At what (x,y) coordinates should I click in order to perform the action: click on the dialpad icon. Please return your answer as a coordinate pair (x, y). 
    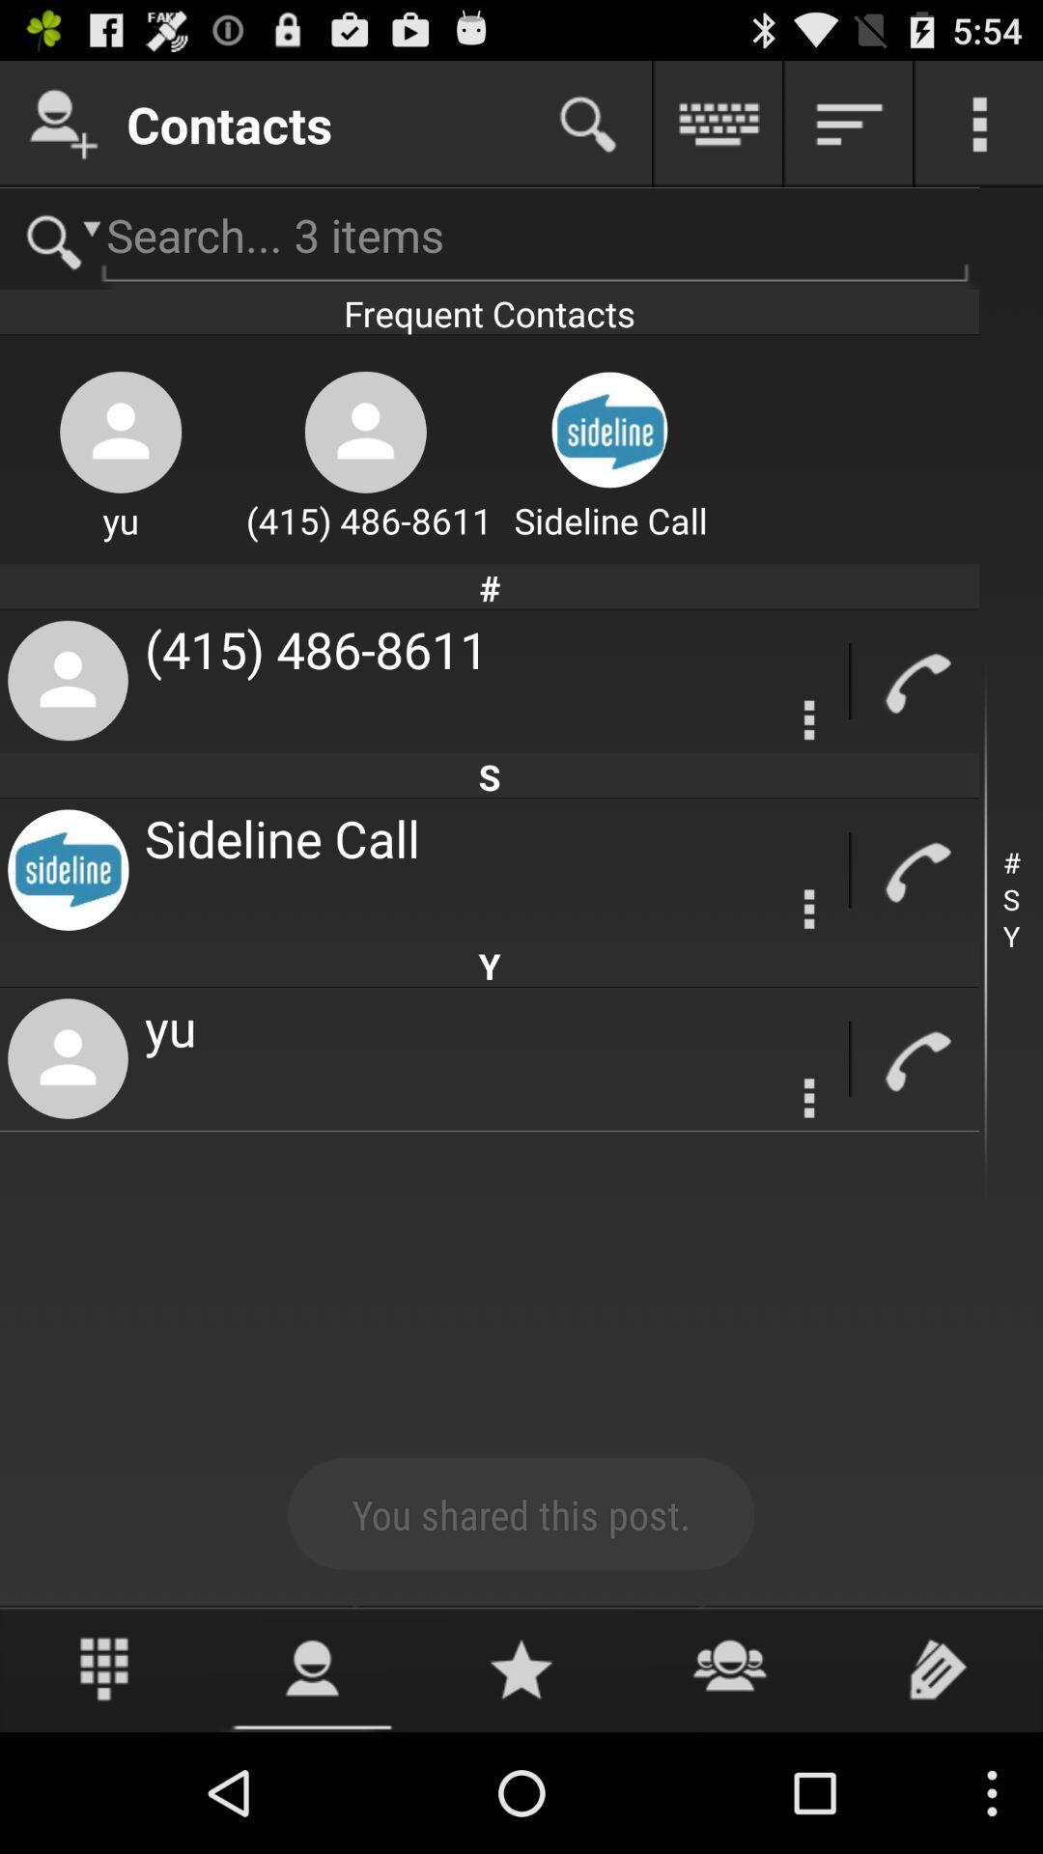
    Looking at the image, I should click on (104, 1784).